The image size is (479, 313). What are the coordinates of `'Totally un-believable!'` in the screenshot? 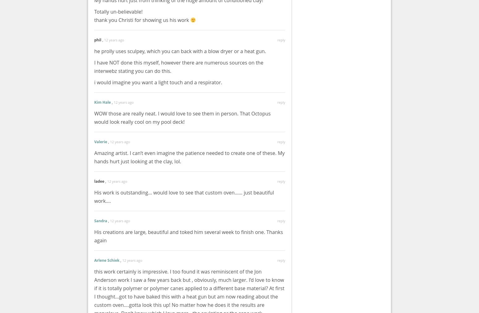 It's located at (118, 11).